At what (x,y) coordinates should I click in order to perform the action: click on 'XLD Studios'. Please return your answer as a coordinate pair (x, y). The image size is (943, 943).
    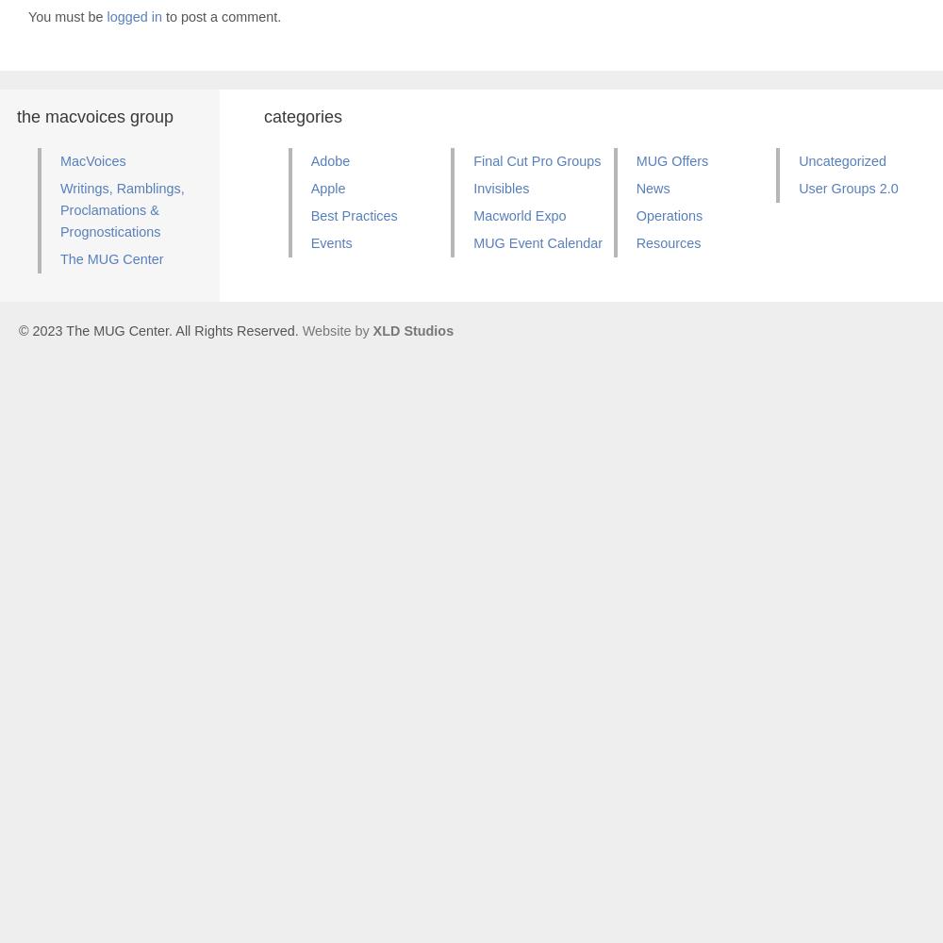
    Looking at the image, I should click on (413, 329).